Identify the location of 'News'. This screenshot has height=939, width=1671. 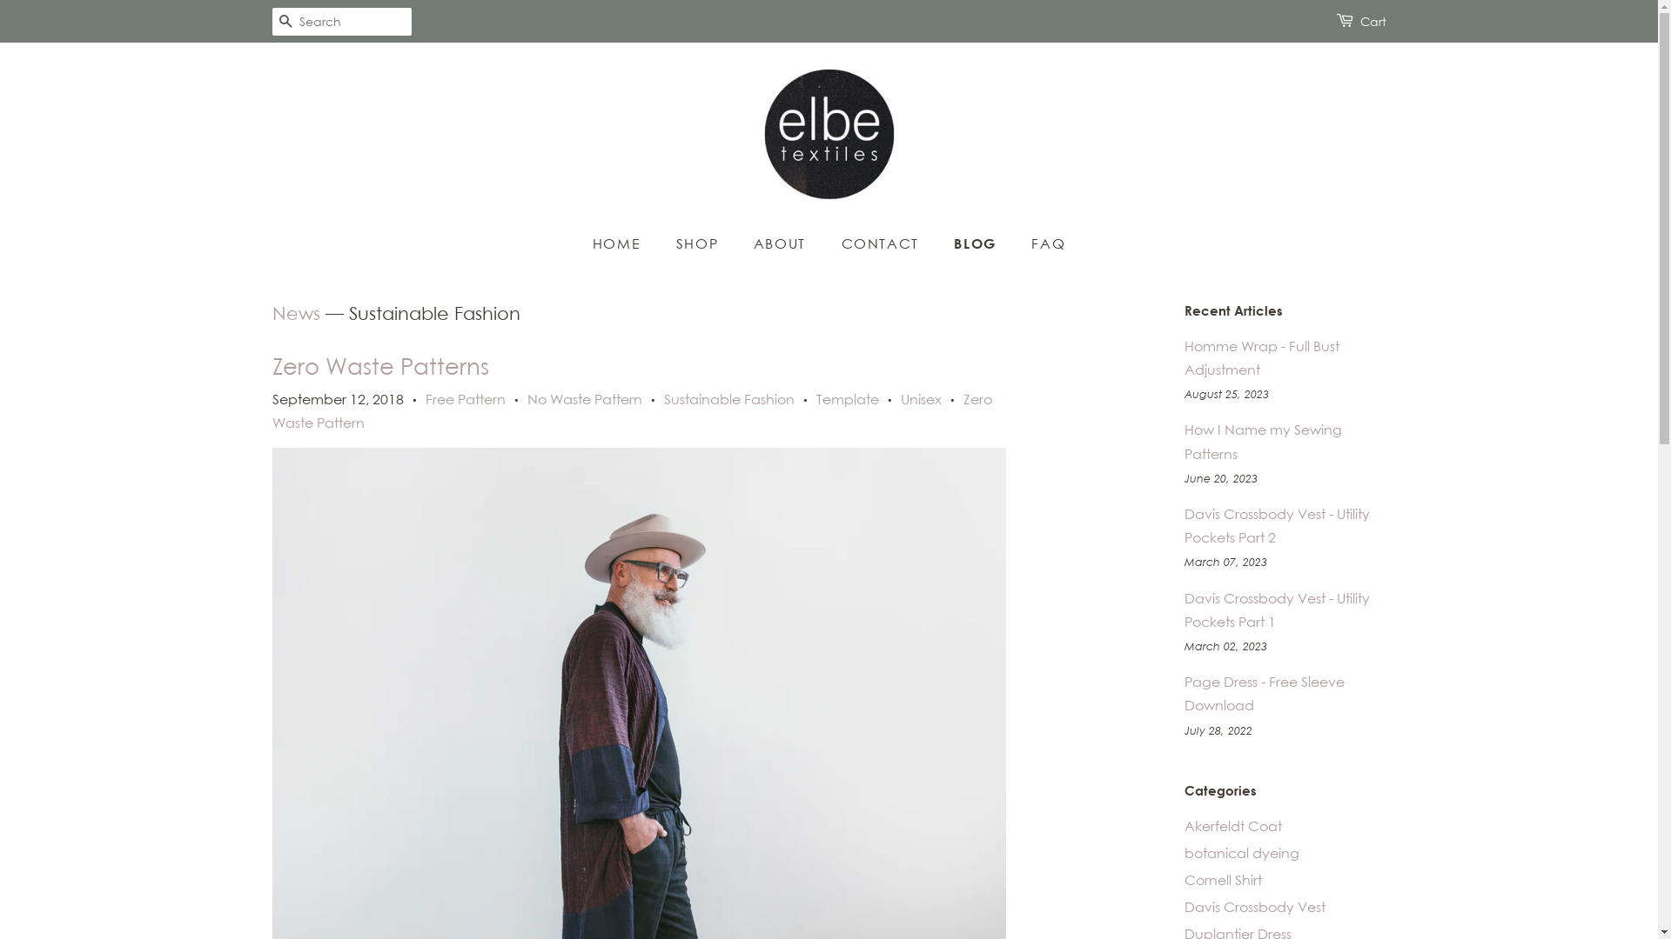
(295, 313).